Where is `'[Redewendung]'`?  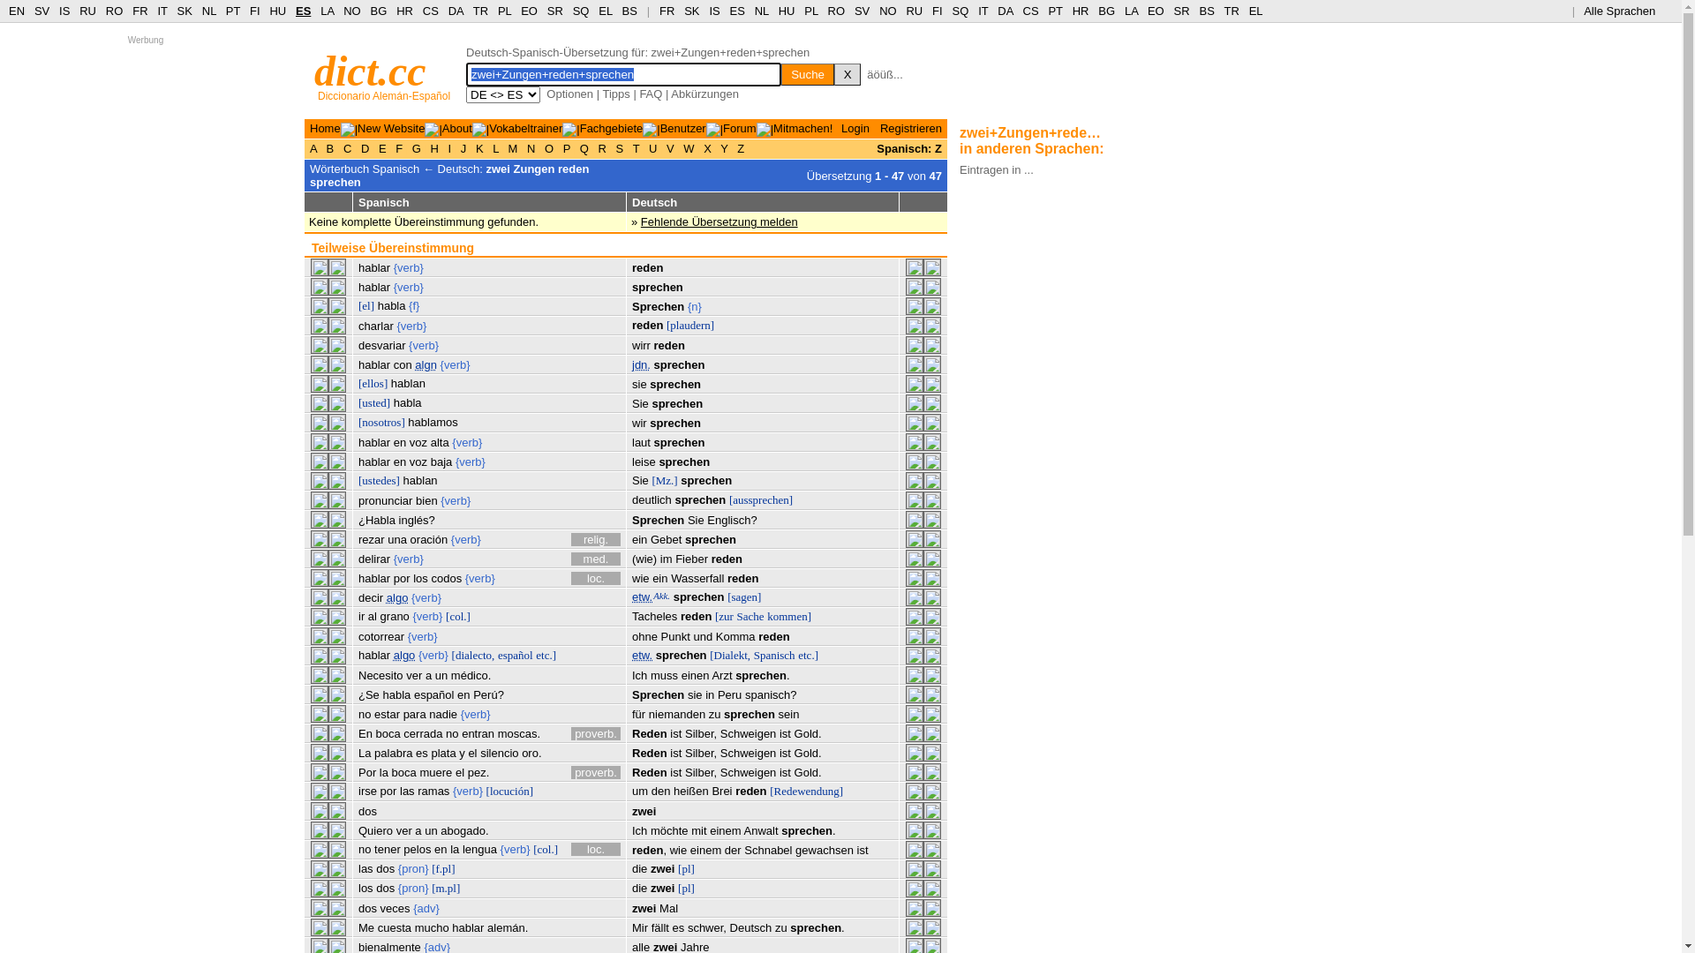 '[Redewendung]' is located at coordinates (805, 790).